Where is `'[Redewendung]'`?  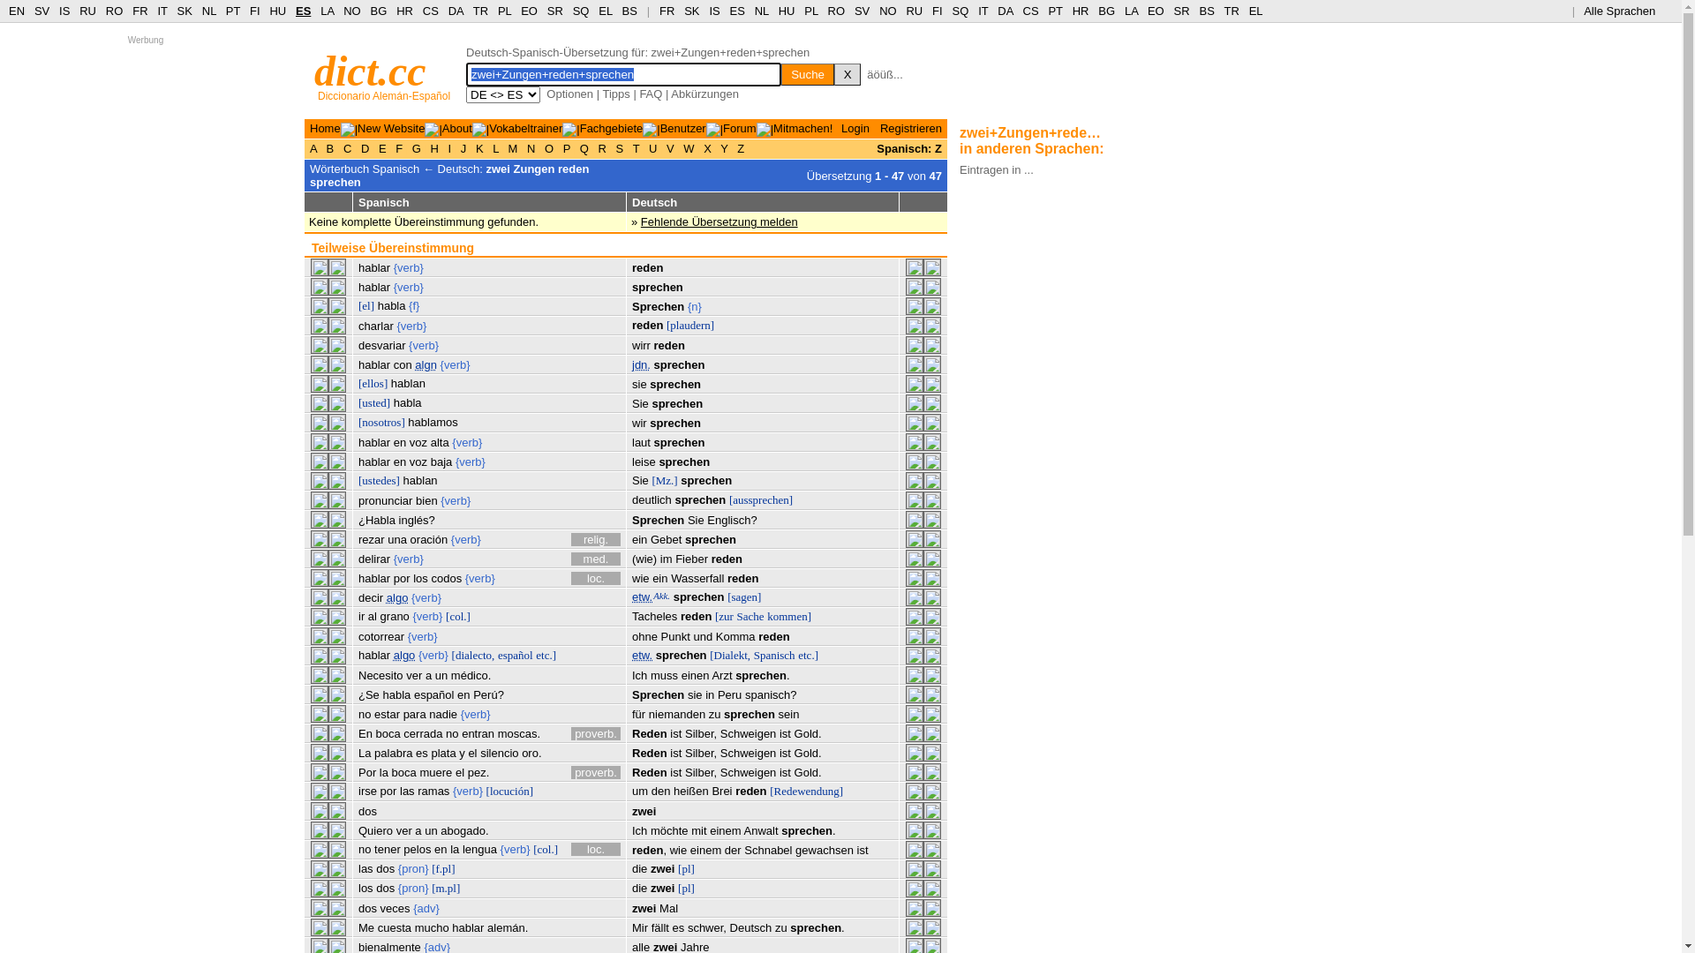 '[Redewendung]' is located at coordinates (805, 790).